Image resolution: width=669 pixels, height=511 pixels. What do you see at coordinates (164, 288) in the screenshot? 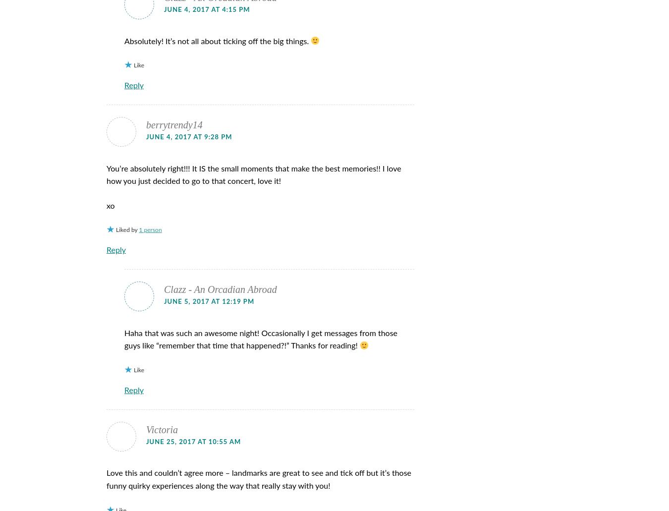
I see `'Clazz - An Orcadian Abroad'` at bounding box center [164, 288].